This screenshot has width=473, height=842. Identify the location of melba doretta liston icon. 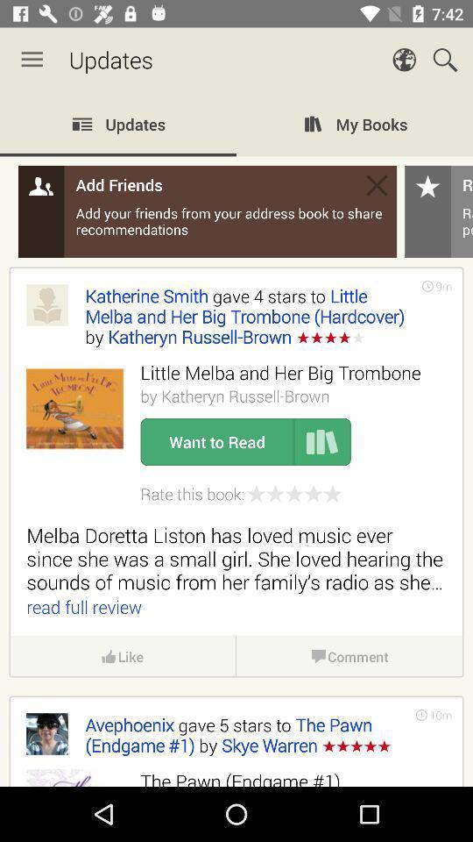
(236, 558).